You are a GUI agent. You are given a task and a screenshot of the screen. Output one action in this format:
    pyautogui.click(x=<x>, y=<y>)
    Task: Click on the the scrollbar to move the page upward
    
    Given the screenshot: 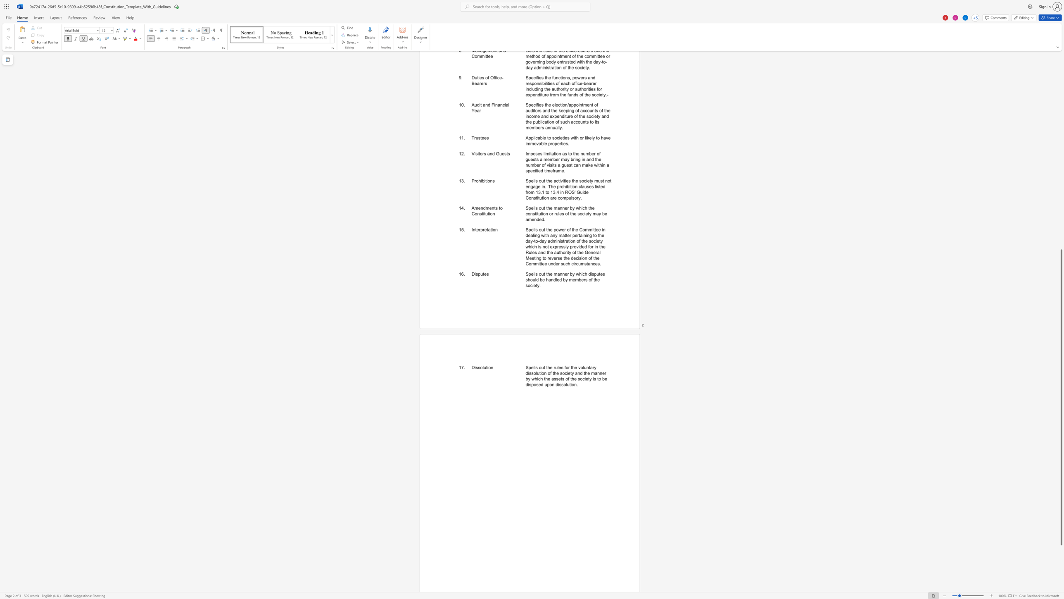 What is the action you would take?
    pyautogui.click(x=1061, y=75)
    